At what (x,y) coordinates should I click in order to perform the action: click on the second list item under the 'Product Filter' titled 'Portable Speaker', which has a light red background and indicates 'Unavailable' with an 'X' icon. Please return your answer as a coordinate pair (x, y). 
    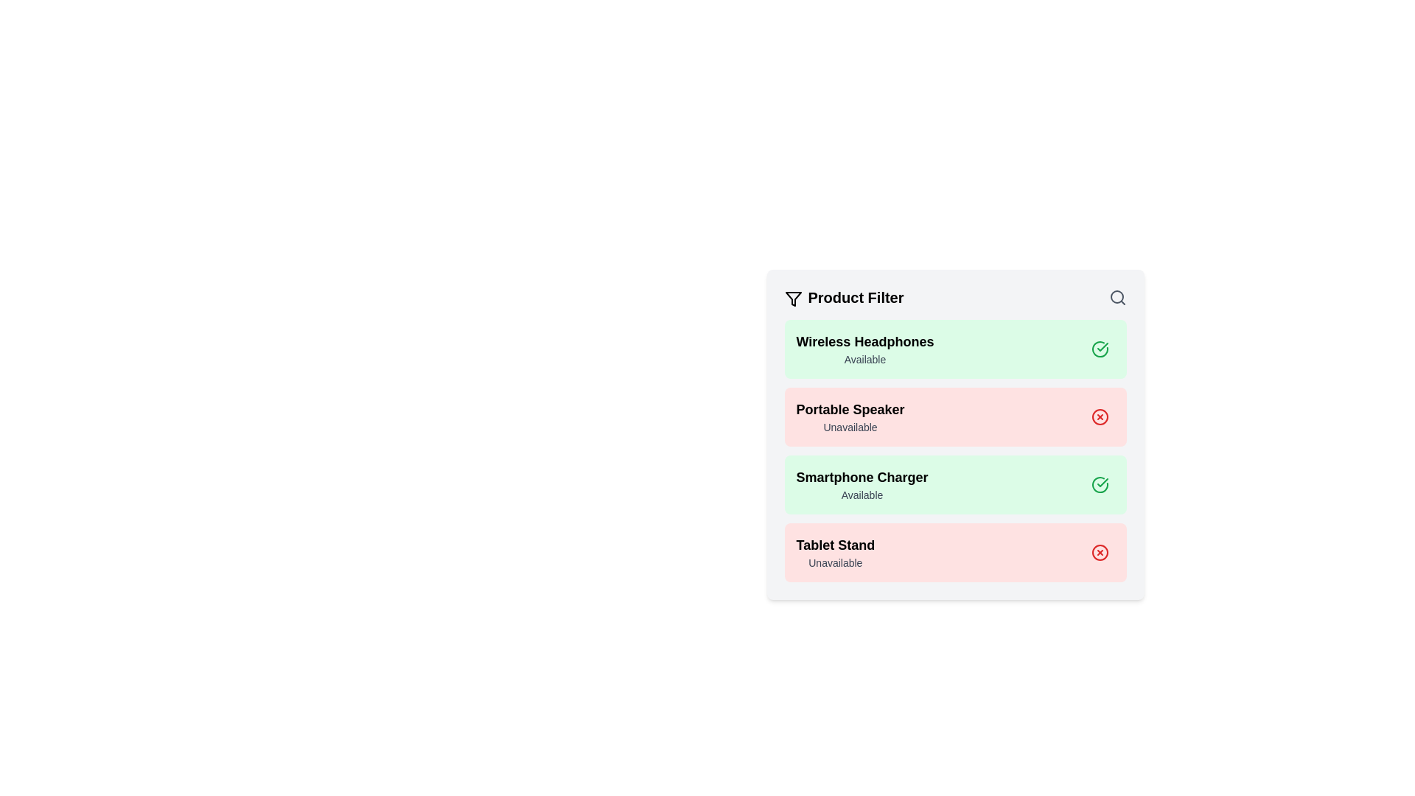
    Looking at the image, I should click on (955, 450).